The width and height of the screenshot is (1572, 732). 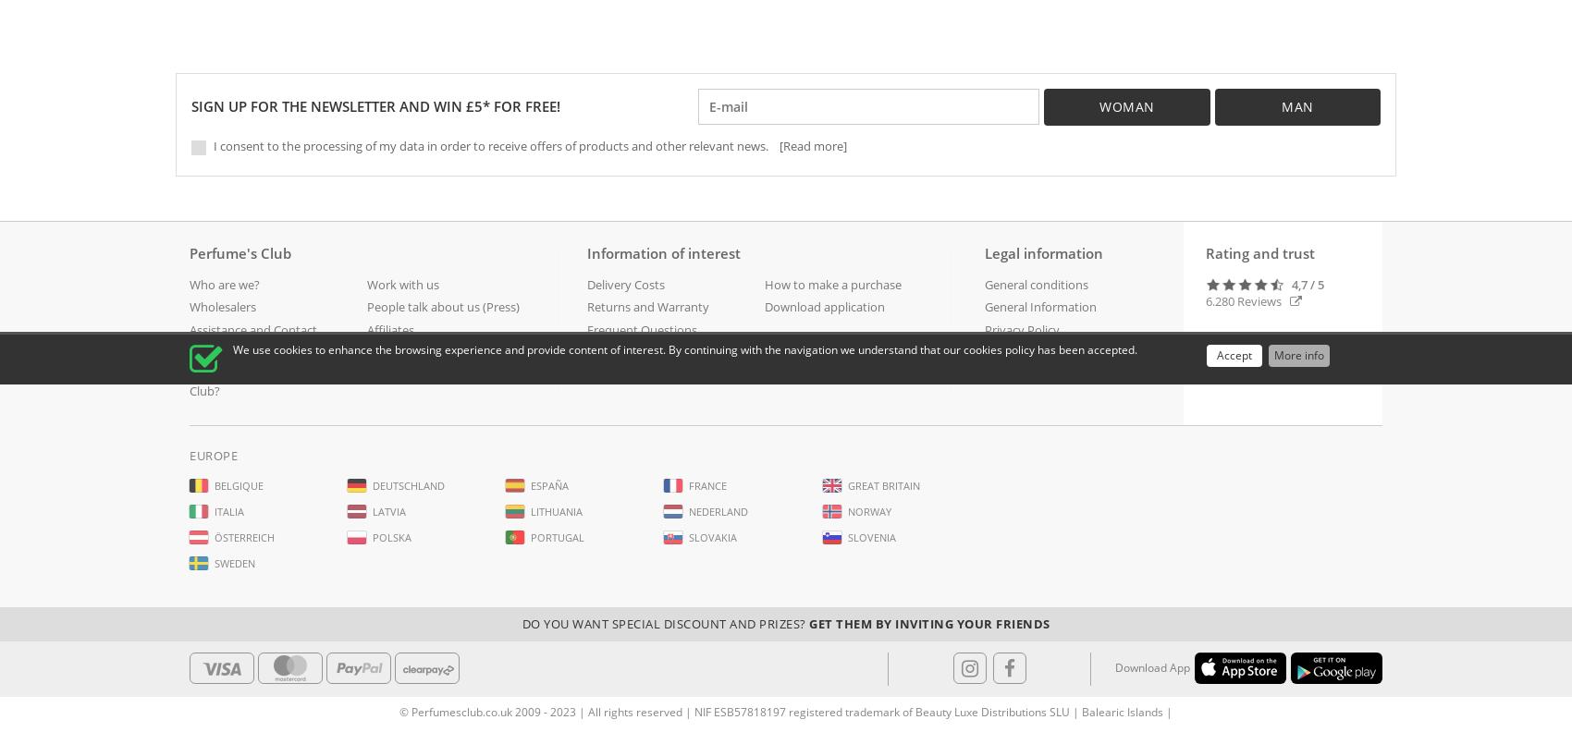 I want to click on 'Legal information', so click(x=1043, y=252).